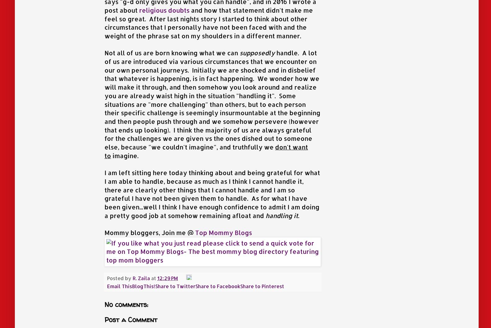 The height and width of the screenshot is (328, 491). I want to click on 'religious doubts', so click(164, 10).